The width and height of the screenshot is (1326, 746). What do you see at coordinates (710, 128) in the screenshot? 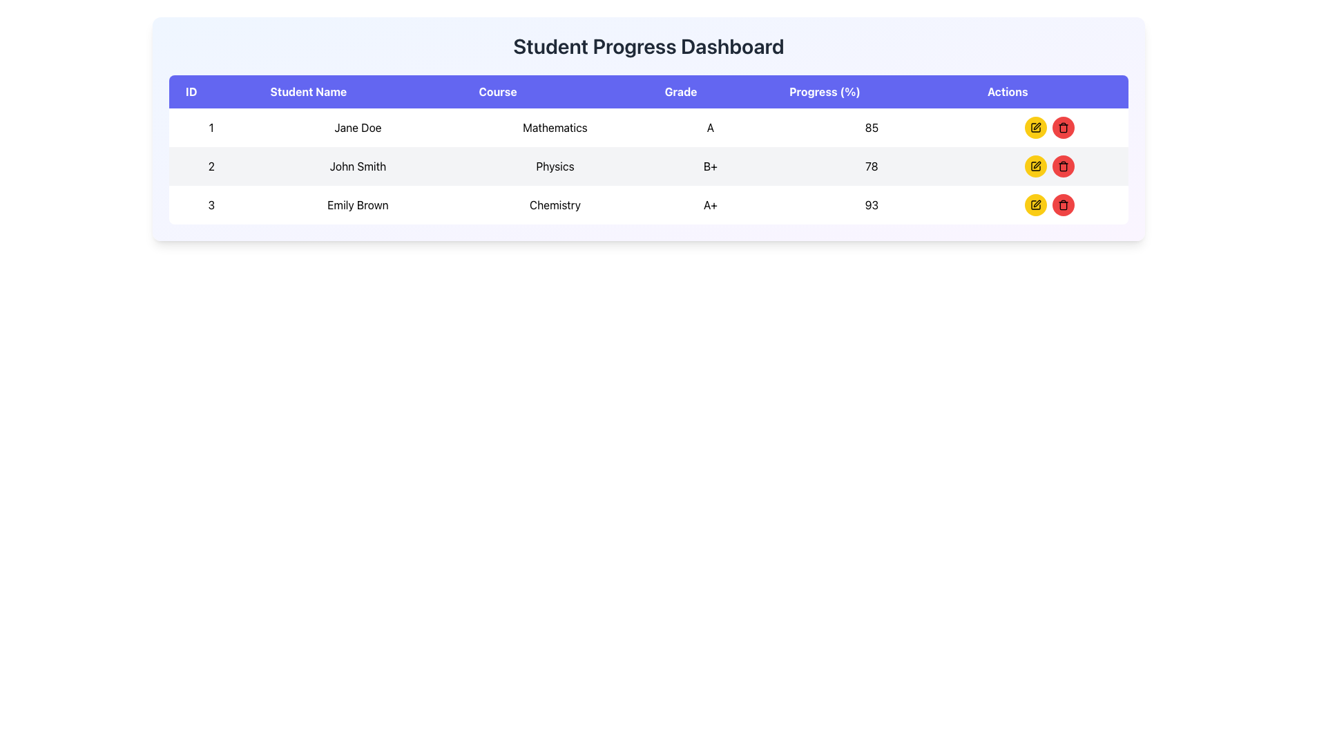
I see `single-character text element displaying the letter 'A' which represents the grade for Jane Doe in the Mathematics course, located under the 'Grade' column in the table` at bounding box center [710, 128].